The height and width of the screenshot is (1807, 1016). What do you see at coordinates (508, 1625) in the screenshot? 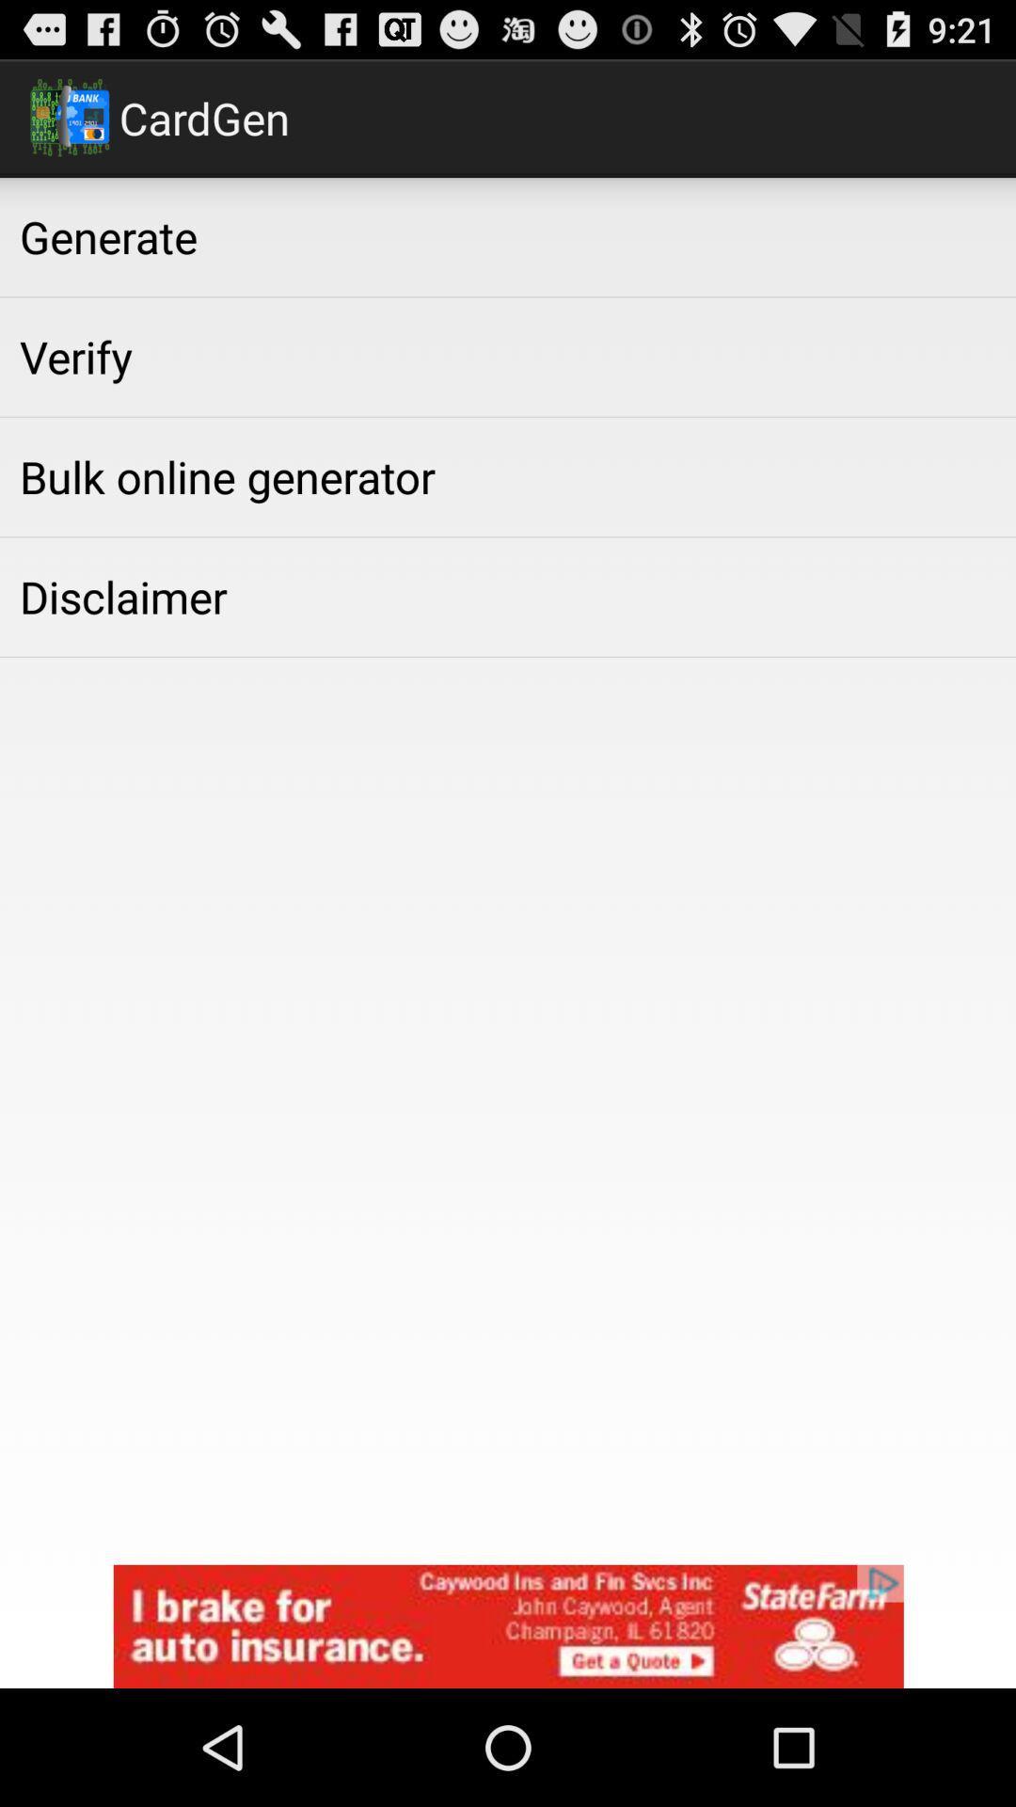
I see `open advertisement` at bounding box center [508, 1625].